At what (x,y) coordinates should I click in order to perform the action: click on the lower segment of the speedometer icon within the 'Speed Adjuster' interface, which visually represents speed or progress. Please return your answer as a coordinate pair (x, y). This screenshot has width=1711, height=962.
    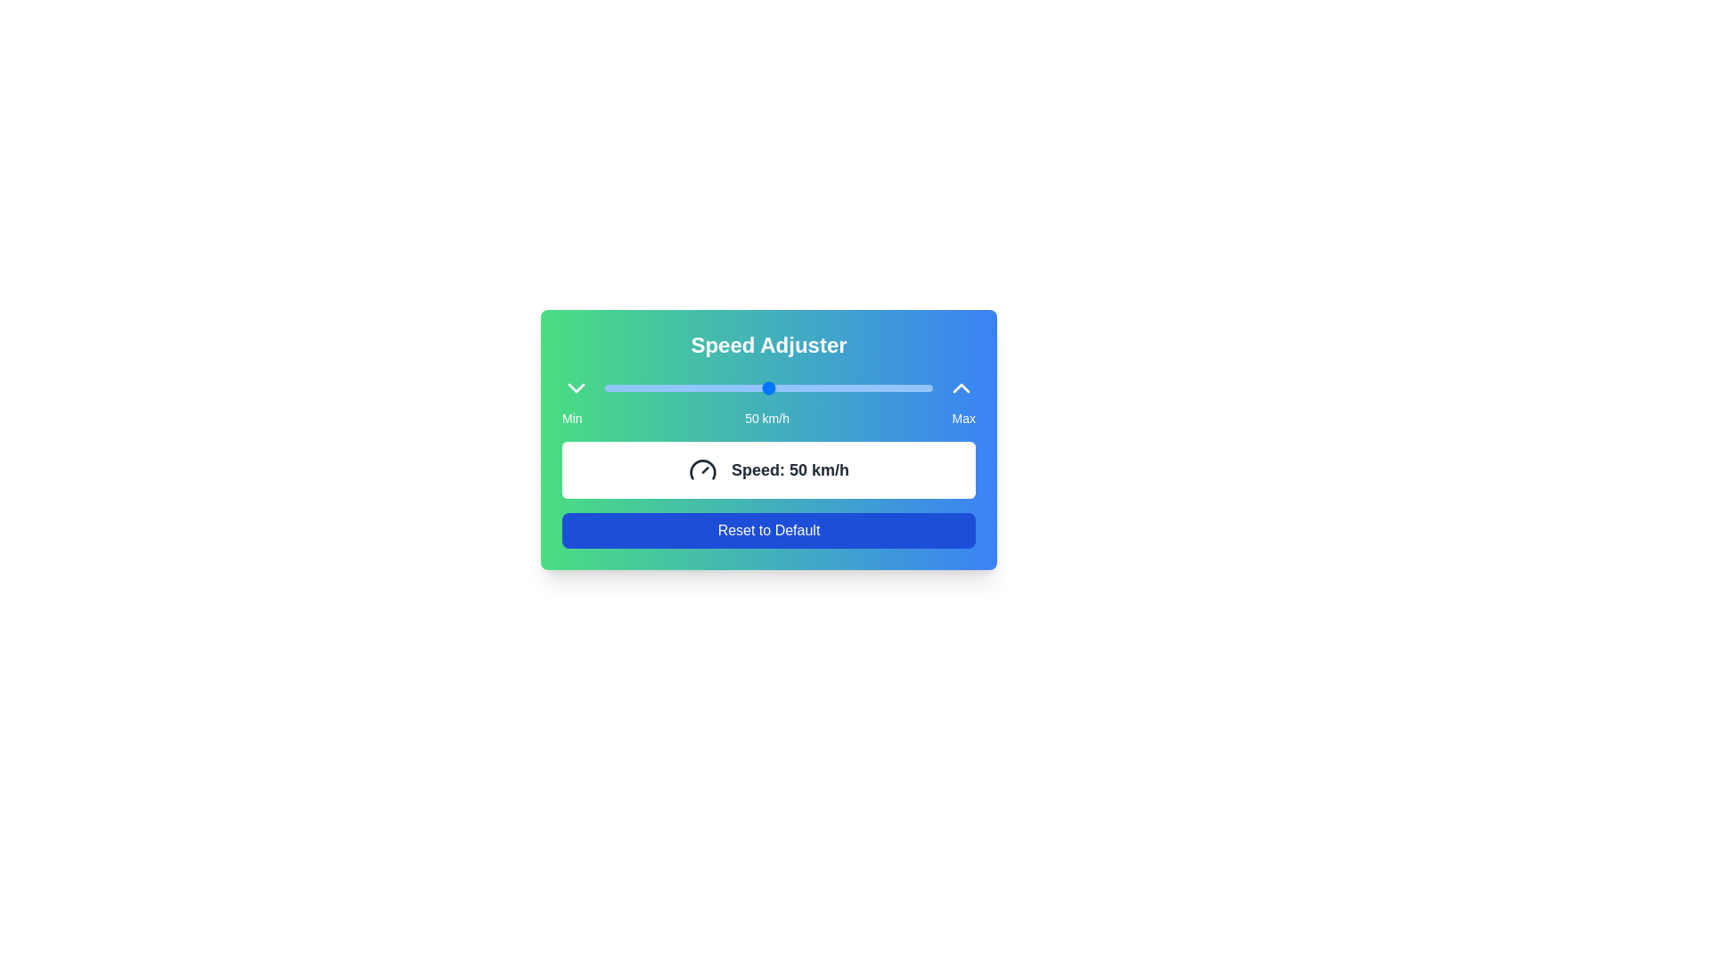
    Looking at the image, I should click on (701, 469).